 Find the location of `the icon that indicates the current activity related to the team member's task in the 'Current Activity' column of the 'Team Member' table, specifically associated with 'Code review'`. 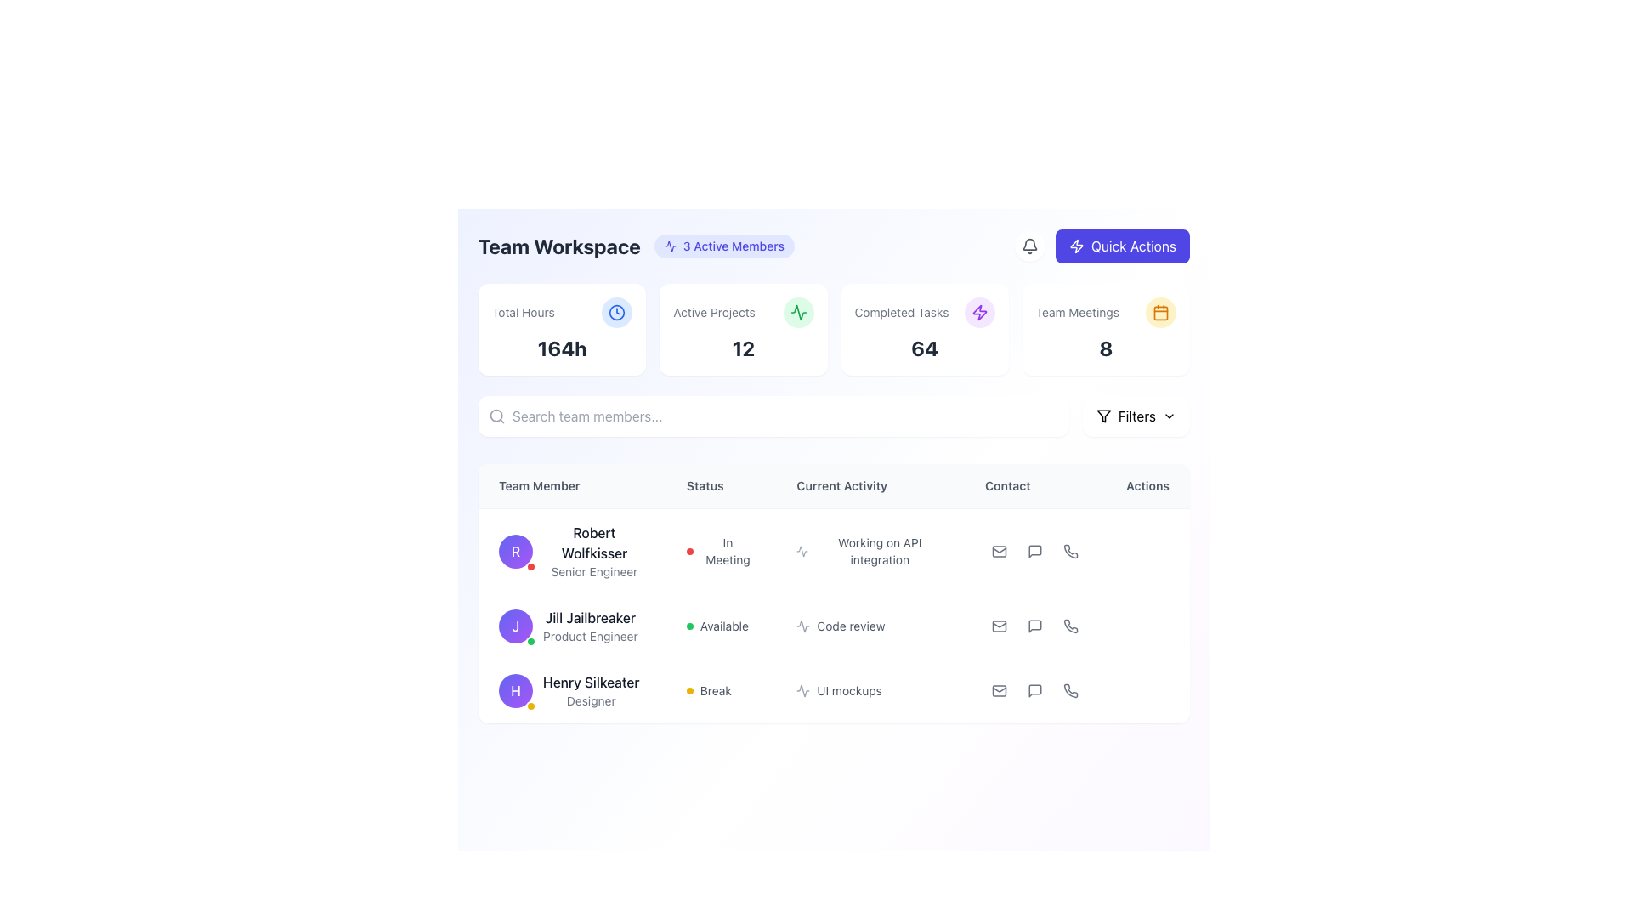

the icon that indicates the current activity related to the team member's task in the 'Current Activity' column of the 'Team Member' table, specifically associated with 'Code review' is located at coordinates (802, 626).